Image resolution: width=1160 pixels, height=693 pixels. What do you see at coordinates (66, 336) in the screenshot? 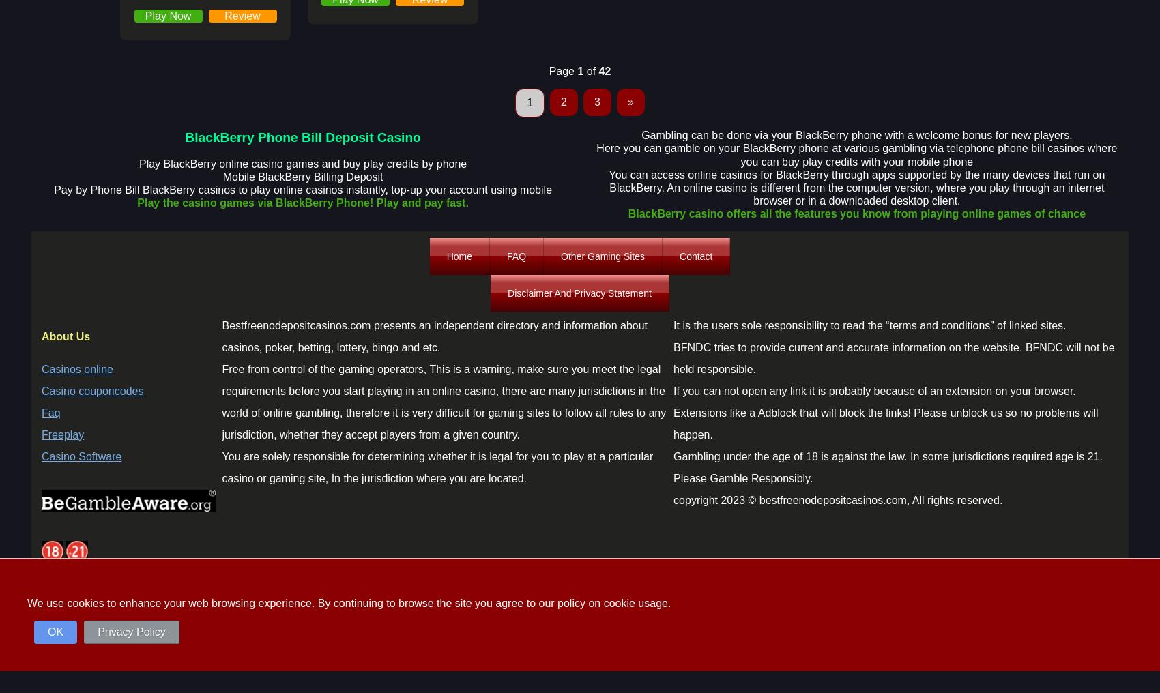
I see `'About Us'` at bounding box center [66, 336].